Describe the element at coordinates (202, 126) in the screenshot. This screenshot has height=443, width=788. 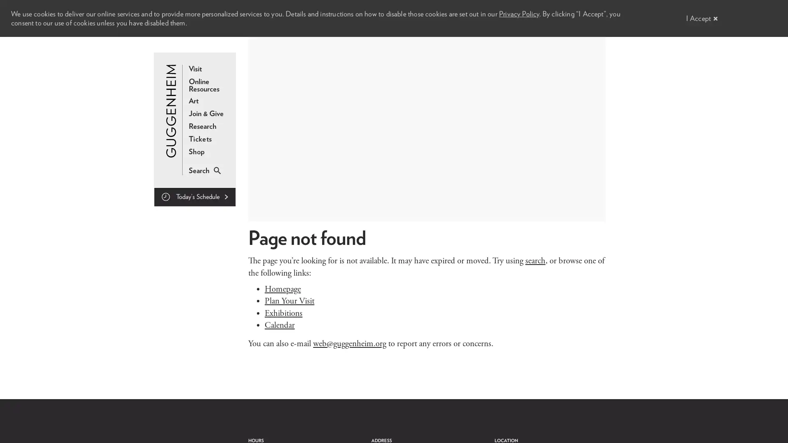
I see `Launch Research Submenu Modal` at that location.